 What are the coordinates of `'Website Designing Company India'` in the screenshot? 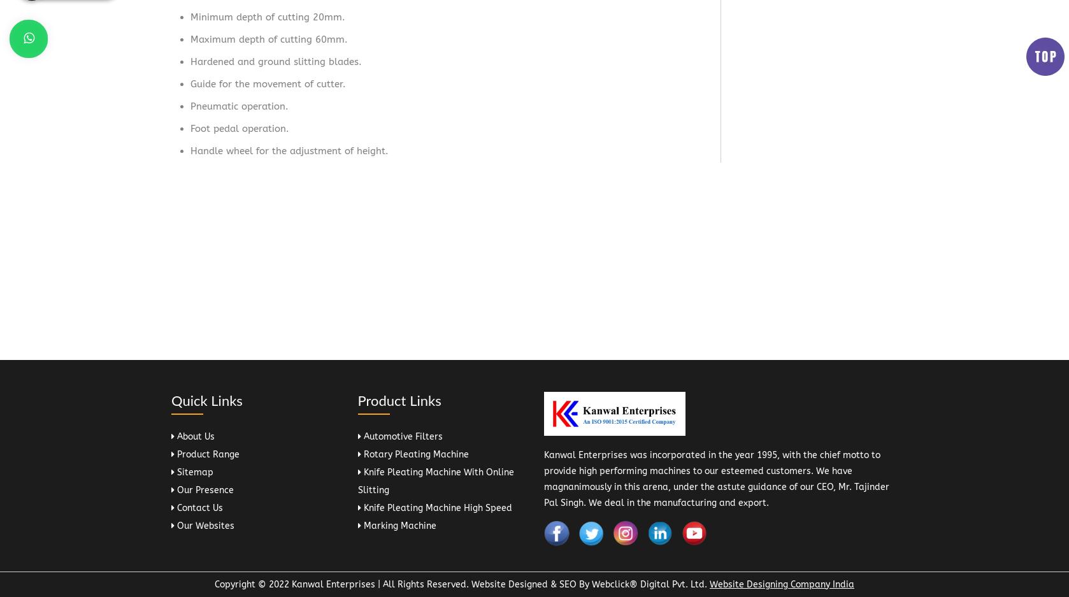 It's located at (782, 584).